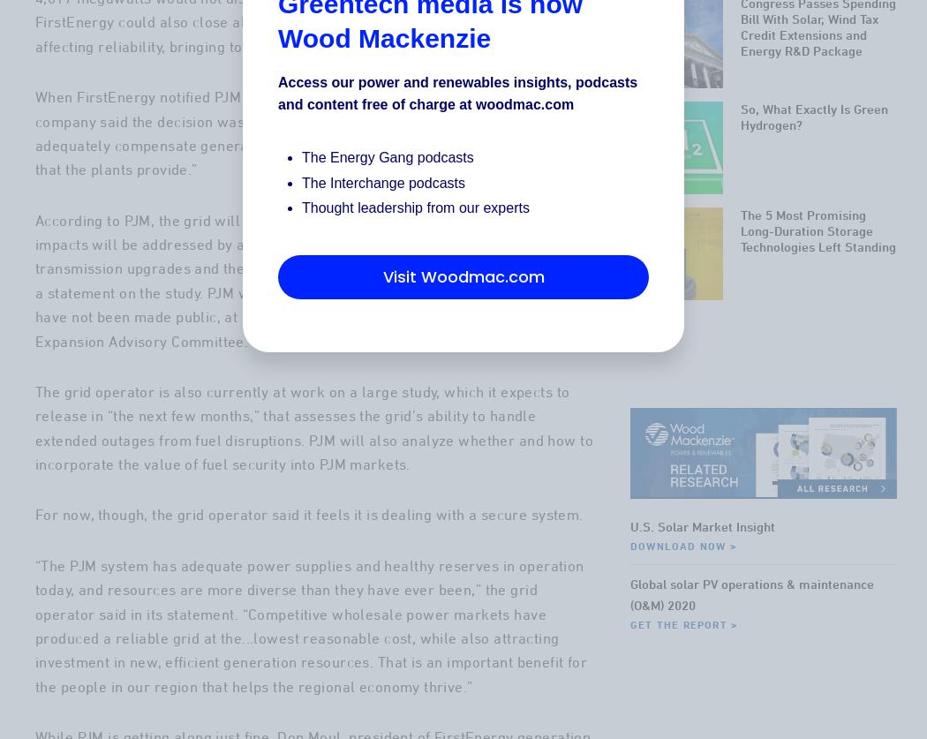 This screenshot has width=927, height=739. Describe the element at coordinates (34, 203) in the screenshot. I see `'of its plans to close the plants, the company said the decision was “due to a market environment that fails to adequately compensate generators for the resiliency and fuel-security attributes that the plants provide.”'` at that location.